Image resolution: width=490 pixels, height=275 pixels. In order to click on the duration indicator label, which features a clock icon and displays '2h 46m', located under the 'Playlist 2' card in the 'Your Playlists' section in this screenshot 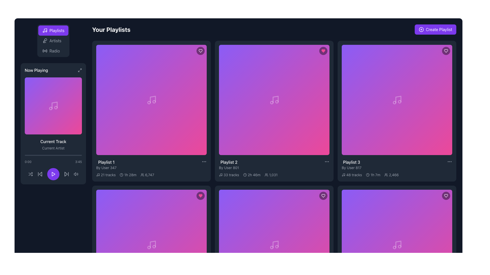, I will do `click(252, 174)`.